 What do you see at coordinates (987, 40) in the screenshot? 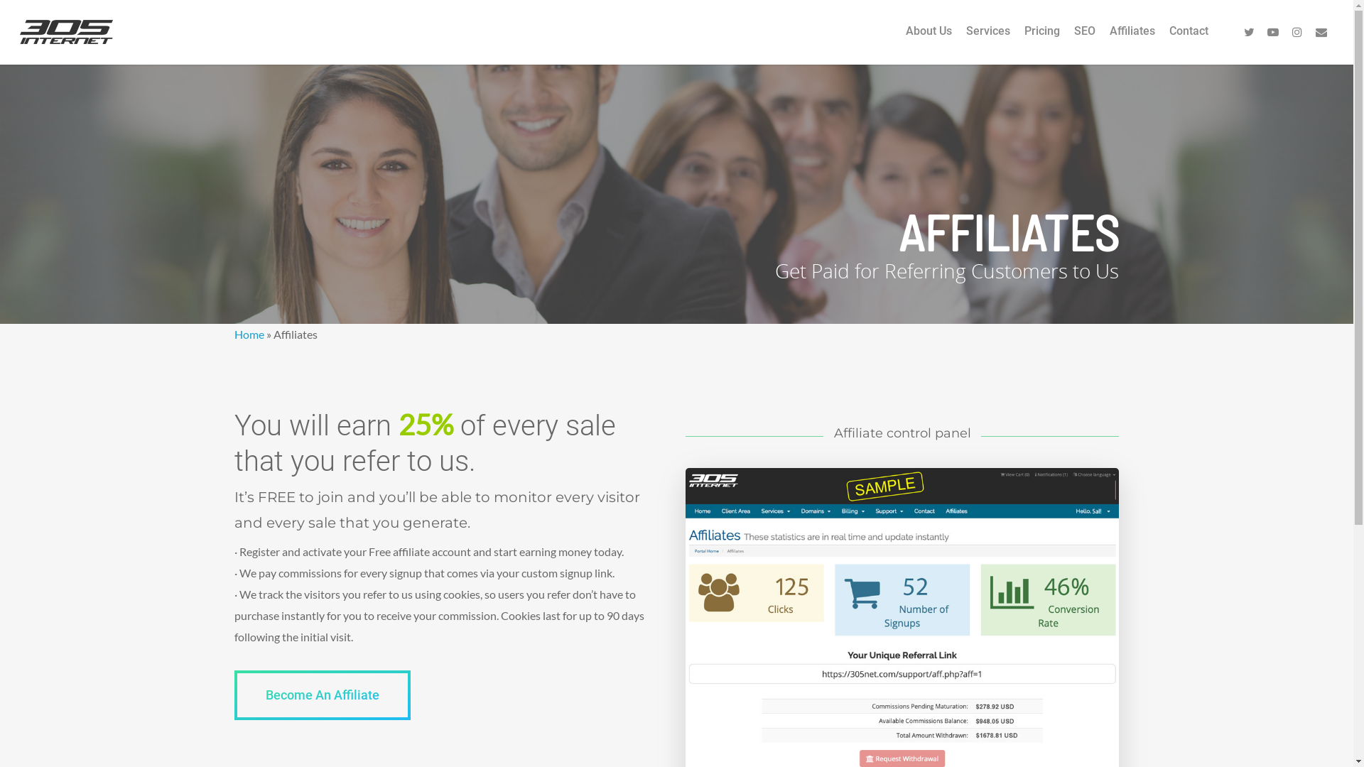
I see `'Services'` at bounding box center [987, 40].